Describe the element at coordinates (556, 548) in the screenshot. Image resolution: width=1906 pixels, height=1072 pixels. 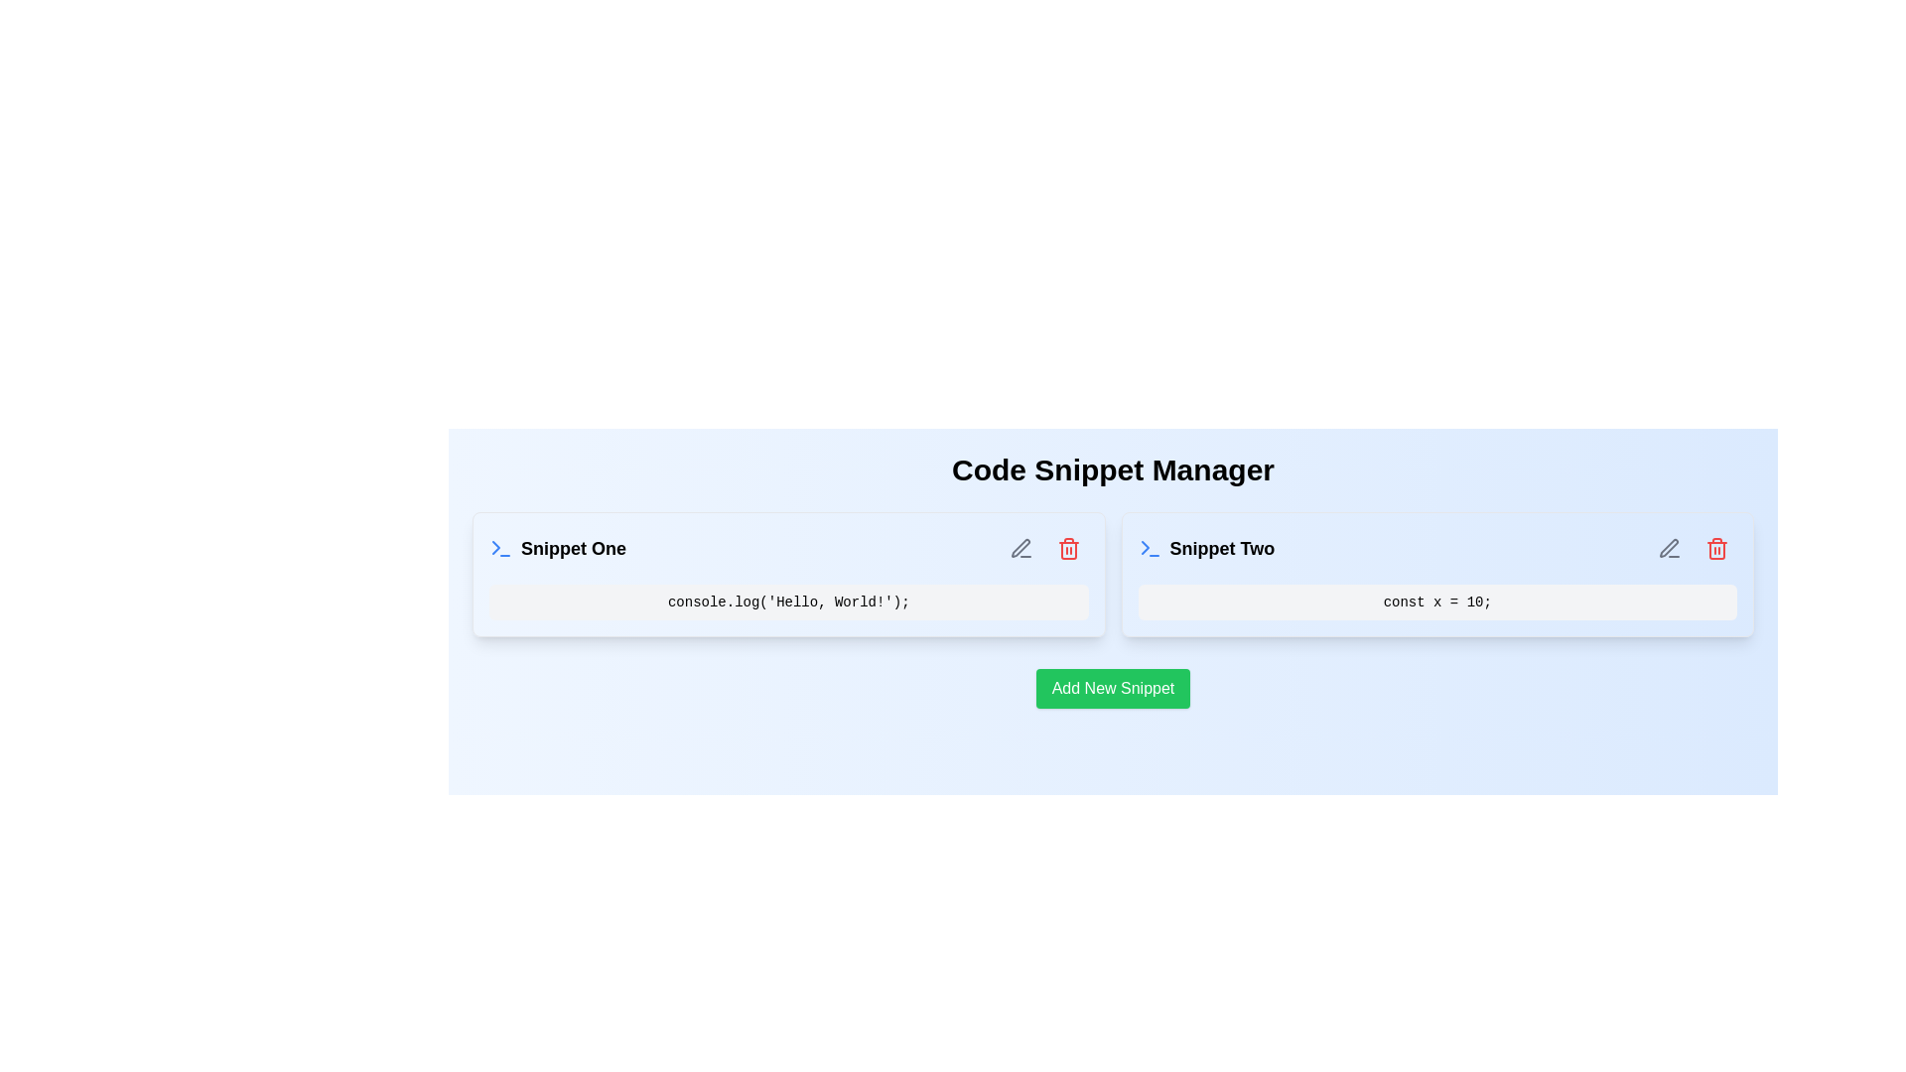
I see `the text label 'Snippet One' which is styled with bold and large font, located within the 'Code Snippet Manager' box, as the first item in the left snippet box` at that location.